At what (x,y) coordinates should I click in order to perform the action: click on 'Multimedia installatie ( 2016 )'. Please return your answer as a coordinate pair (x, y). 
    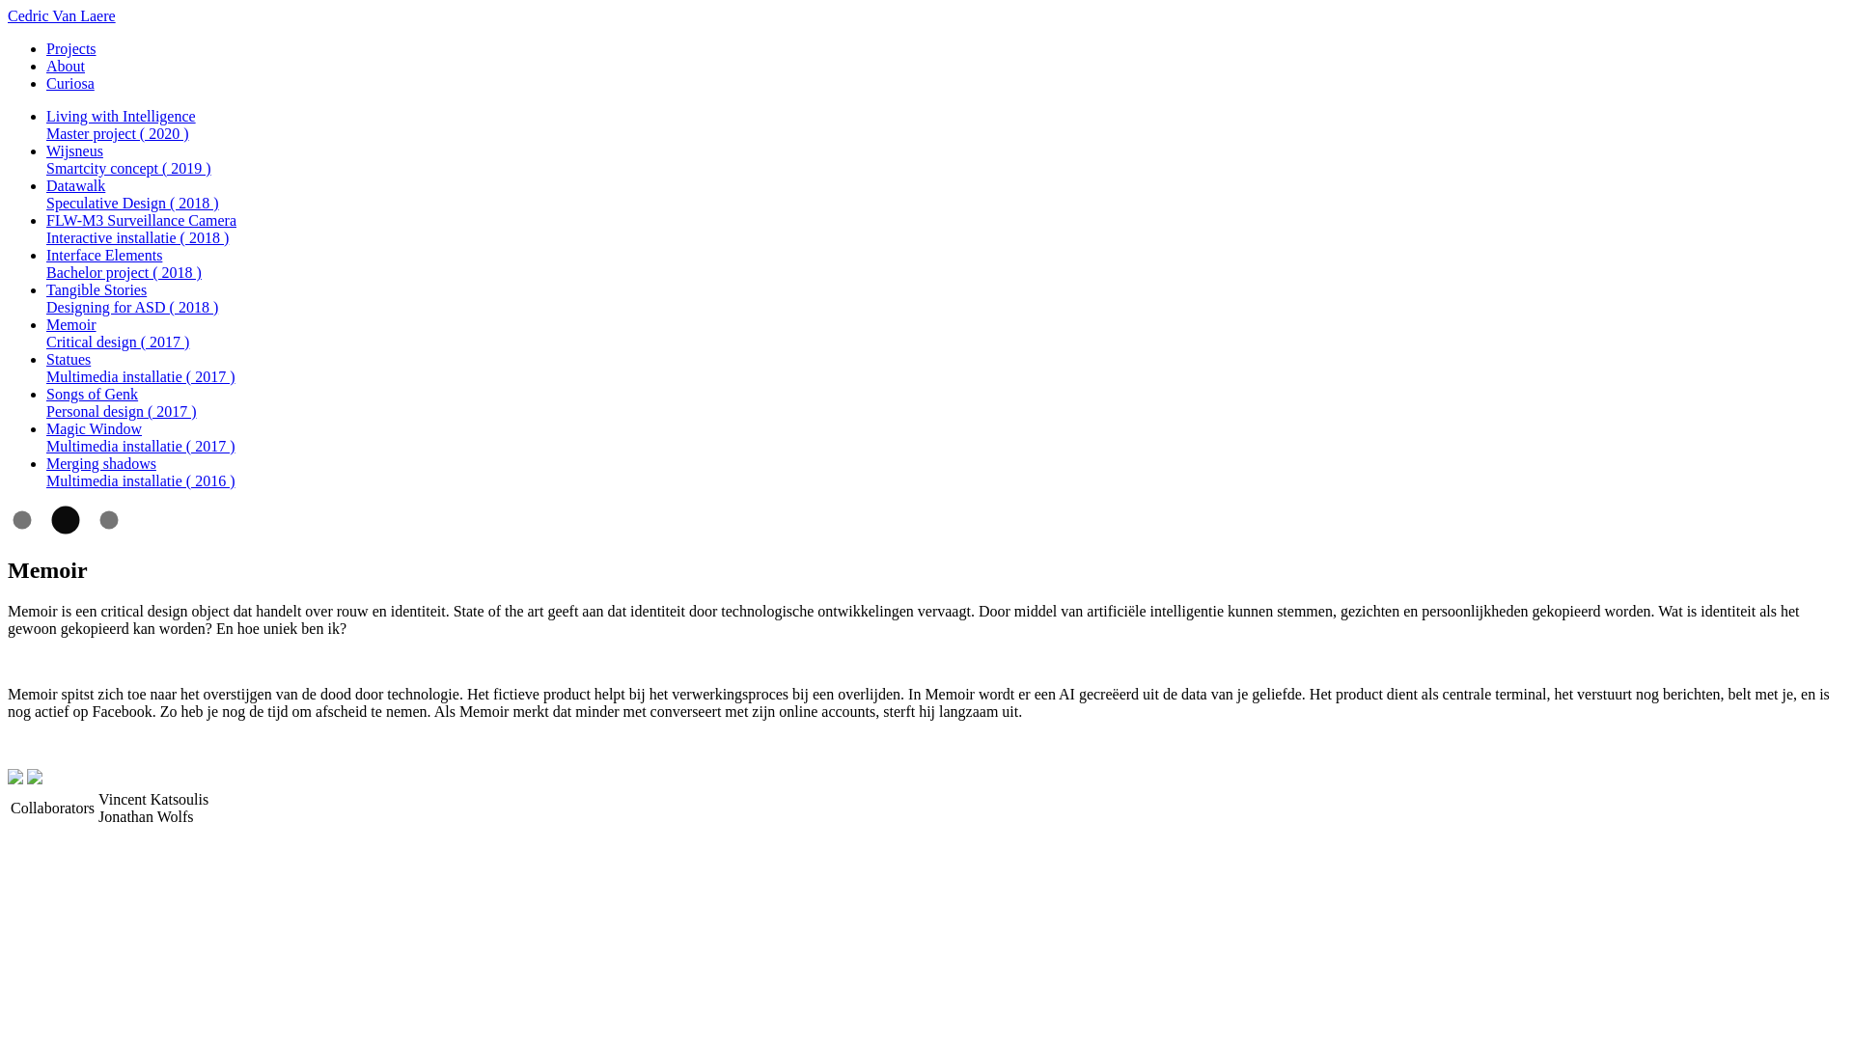
    Looking at the image, I should click on (139, 480).